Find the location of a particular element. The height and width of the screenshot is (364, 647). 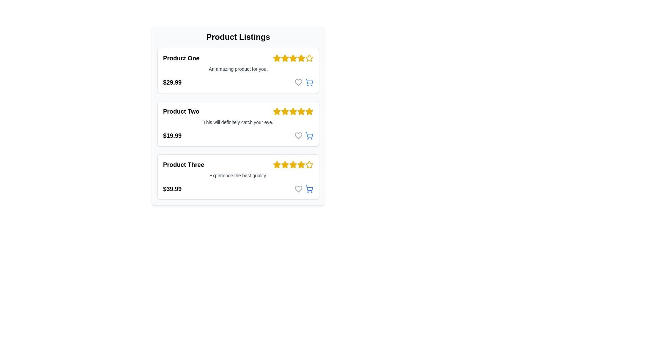

the second star icon in the horizontal rating system for 'Product One', which is filled with a golden-yellow color is located at coordinates (285, 58).